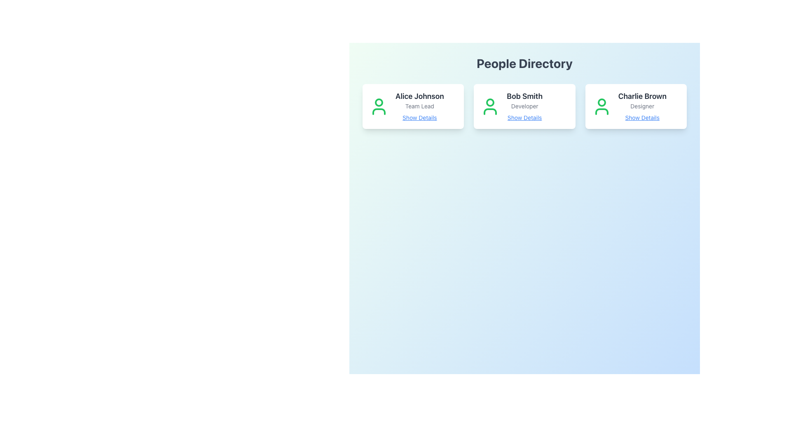 This screenshot has height=445, width=791. What do you see at coordinates (601, 106) in the screenshot?
I see `the SVG Icon representing the profile of 'Charlie Brown' within the 'Charlie Brown Designer Show Details' card, located to the left of the text 'Charlie Brown'` at bounding box center [601, 106].